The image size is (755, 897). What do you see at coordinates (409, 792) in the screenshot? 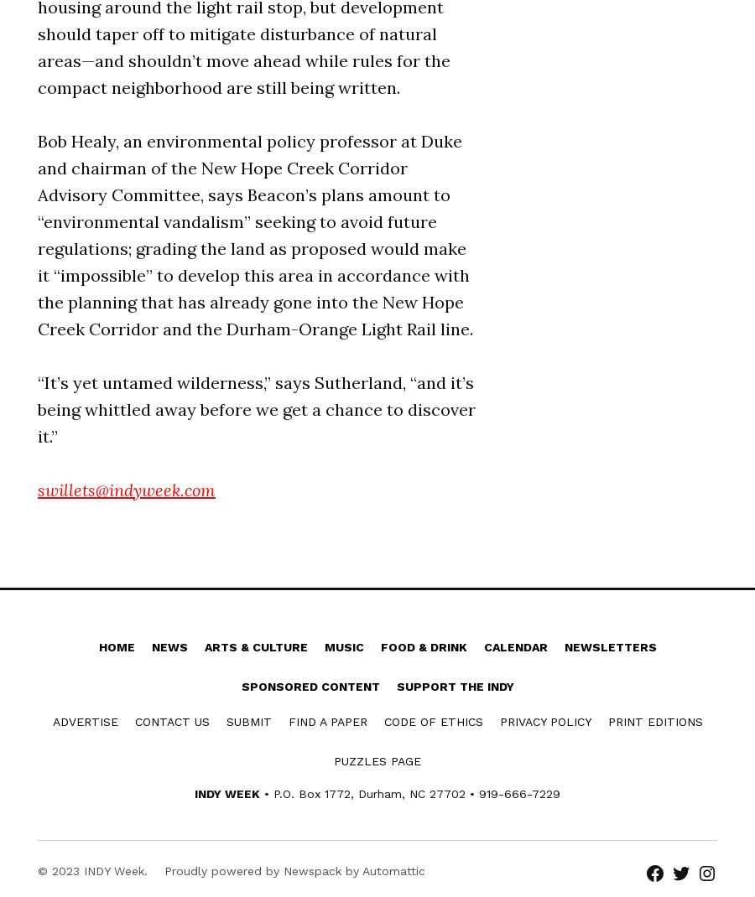
I see `'• P.O. Box 1772, Durham, NC 27702 • 919-666-7229'` at bounding box center [409, 792].